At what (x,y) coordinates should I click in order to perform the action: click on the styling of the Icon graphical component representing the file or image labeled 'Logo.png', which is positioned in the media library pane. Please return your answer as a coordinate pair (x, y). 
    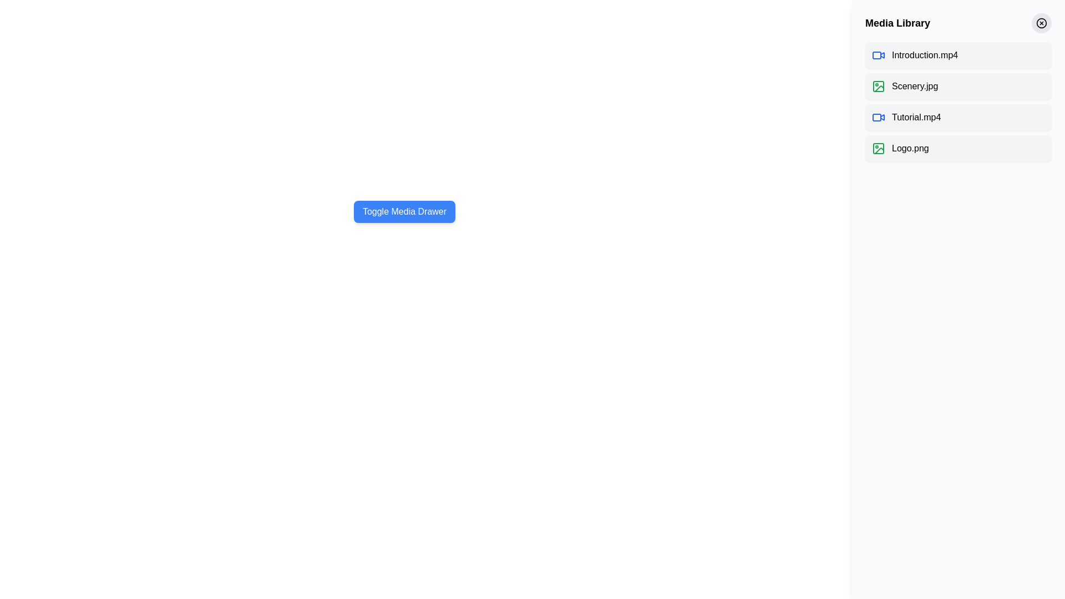
    Looking at the image, I should click on (878, 148).